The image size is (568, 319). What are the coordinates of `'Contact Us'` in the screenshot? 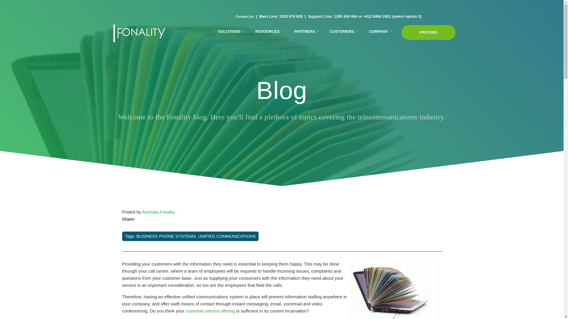 It's located at (244, 16).